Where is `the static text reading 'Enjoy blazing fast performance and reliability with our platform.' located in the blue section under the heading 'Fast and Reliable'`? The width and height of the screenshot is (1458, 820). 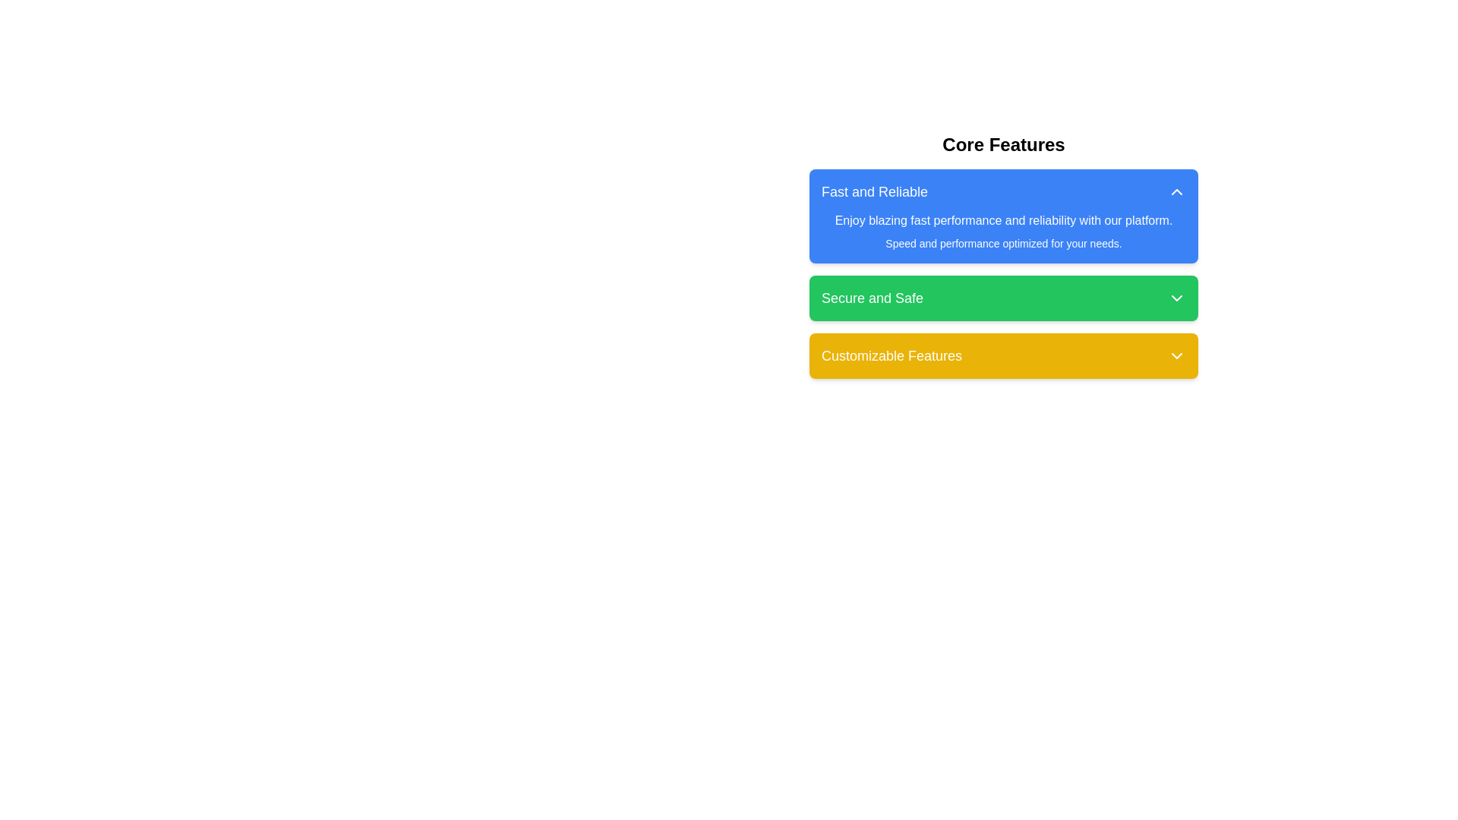 the static text reading 'Enjoy blazing fast performance and reliability with our platform.' located in the blue section under the heading 'Fast and Reliable' is located at coordinates (1003, 220).